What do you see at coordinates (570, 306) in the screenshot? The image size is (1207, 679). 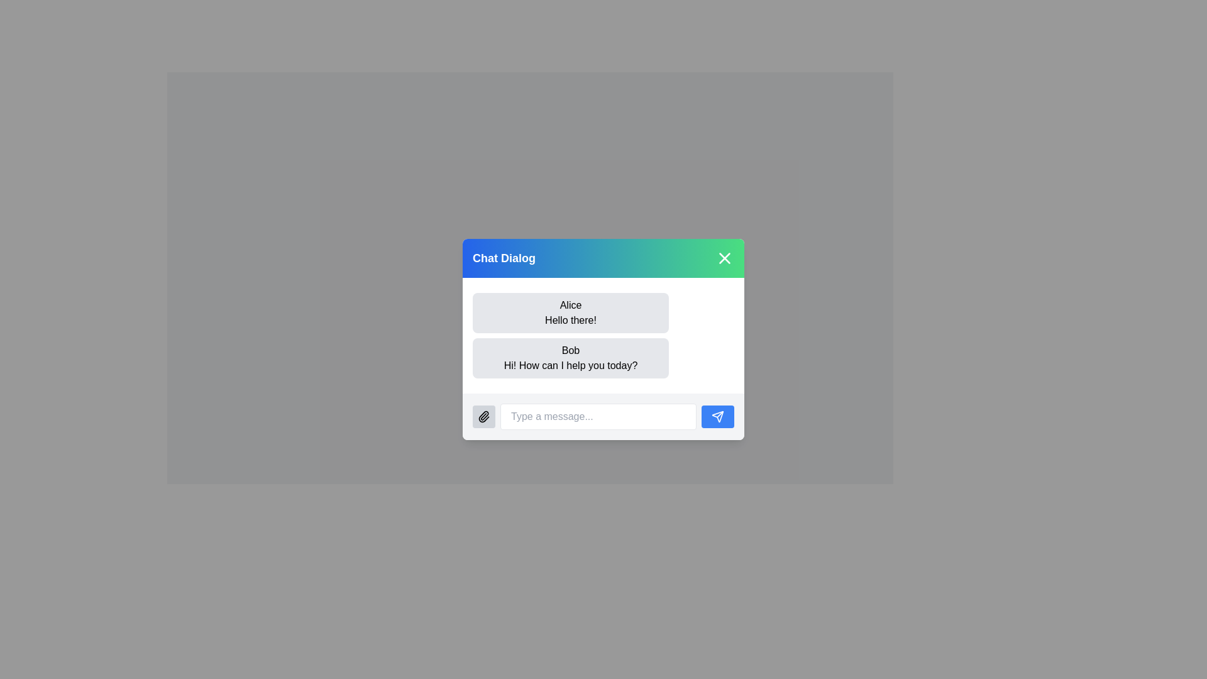 I see `the text label displaying the name 'Alice', which is styled as a header in a chat bubble` at bounding box center [570, 306].